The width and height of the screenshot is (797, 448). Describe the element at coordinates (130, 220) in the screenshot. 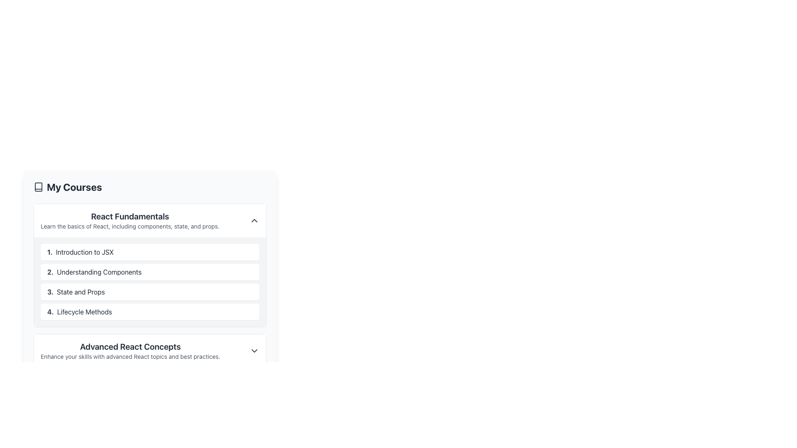

I see `the 'React Fundamentals' text display` at that location.